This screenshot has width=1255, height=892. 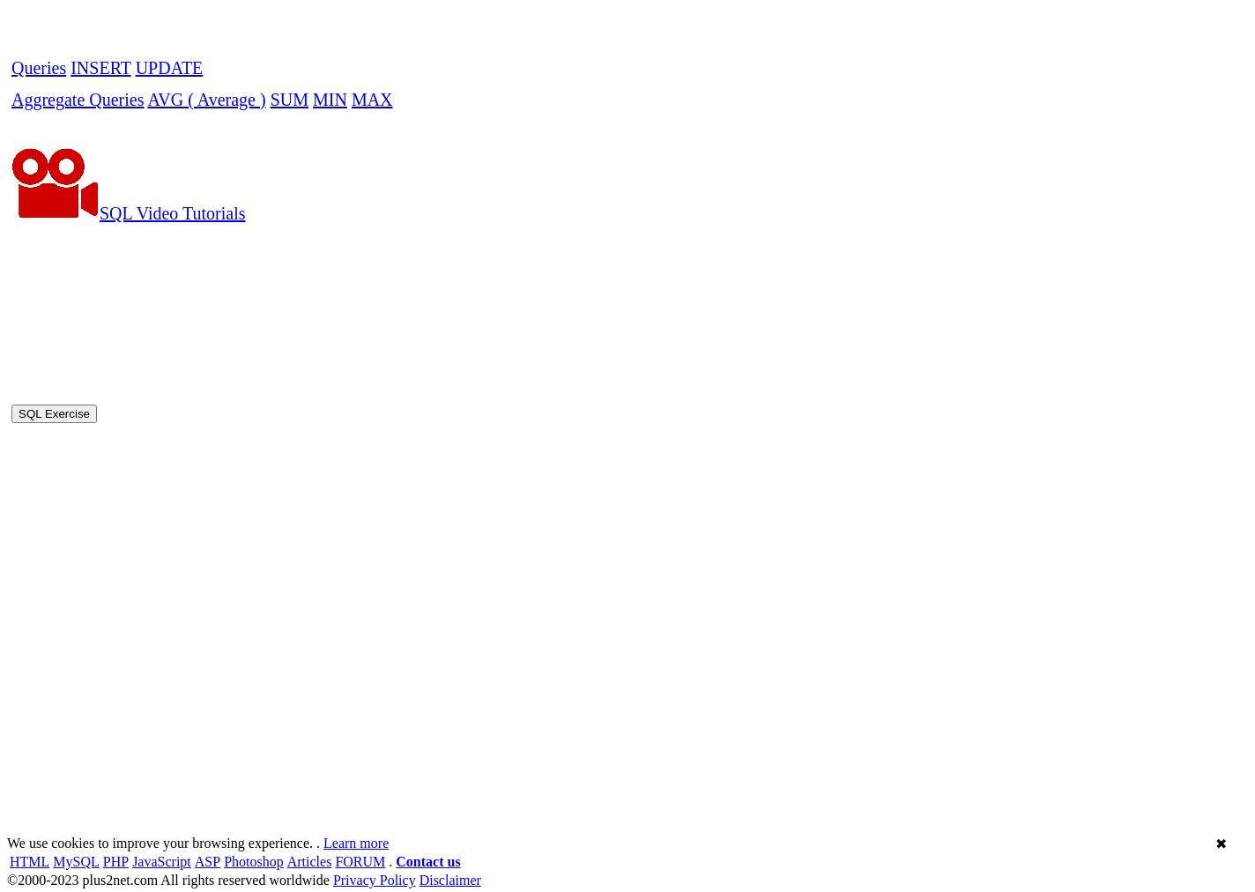 What do you see at coordinates (160, 368) in the screenshot?
I see `'JavaScript'` at bounding box center [160, 368].